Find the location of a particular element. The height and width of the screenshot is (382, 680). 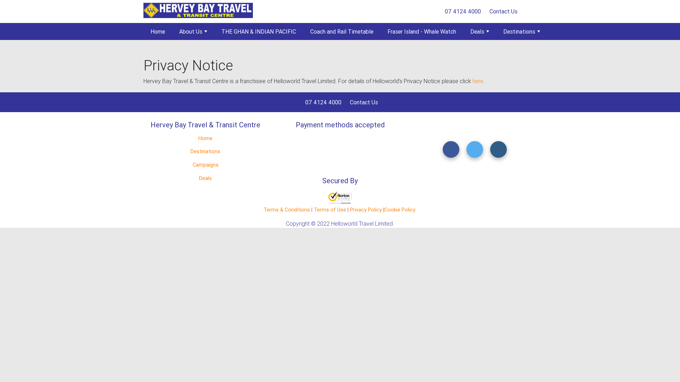

'Destinations' is located at coordinates (496, 31).